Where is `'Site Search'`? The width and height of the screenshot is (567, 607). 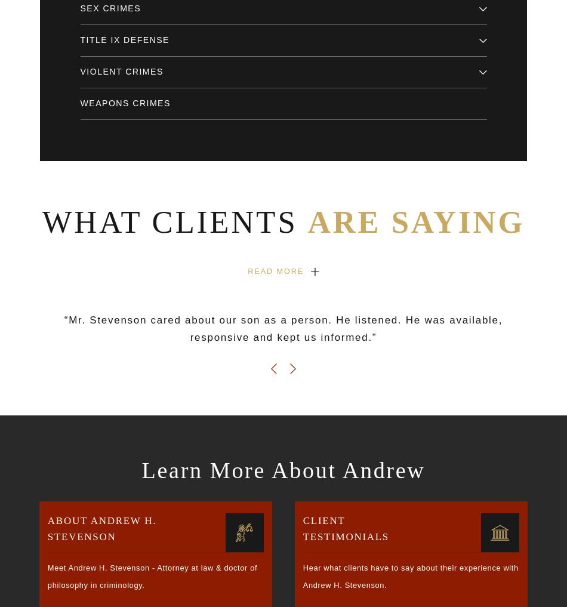
'Site Search' is located at coordinates (68, 380).